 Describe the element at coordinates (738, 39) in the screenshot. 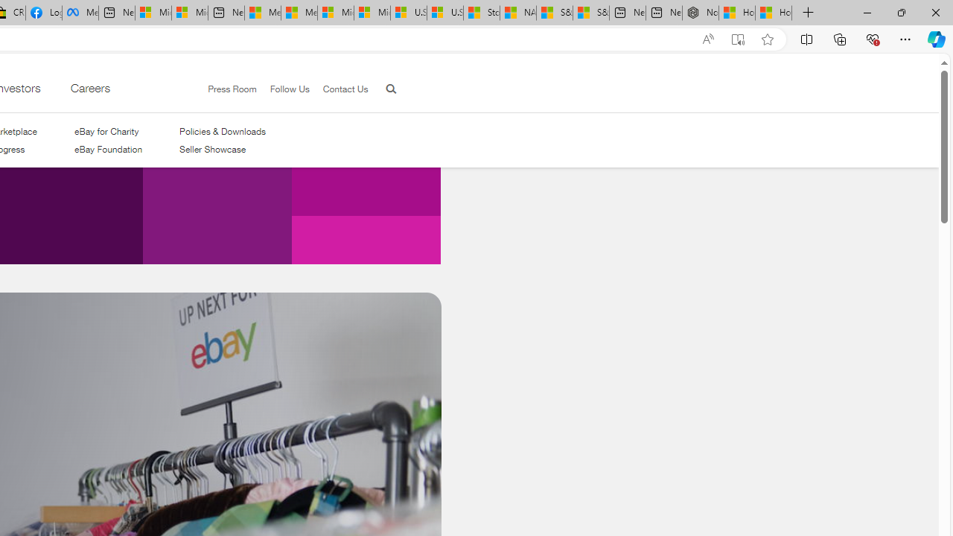

I see `'Enter Immersive Reader (F9)'` at that location.